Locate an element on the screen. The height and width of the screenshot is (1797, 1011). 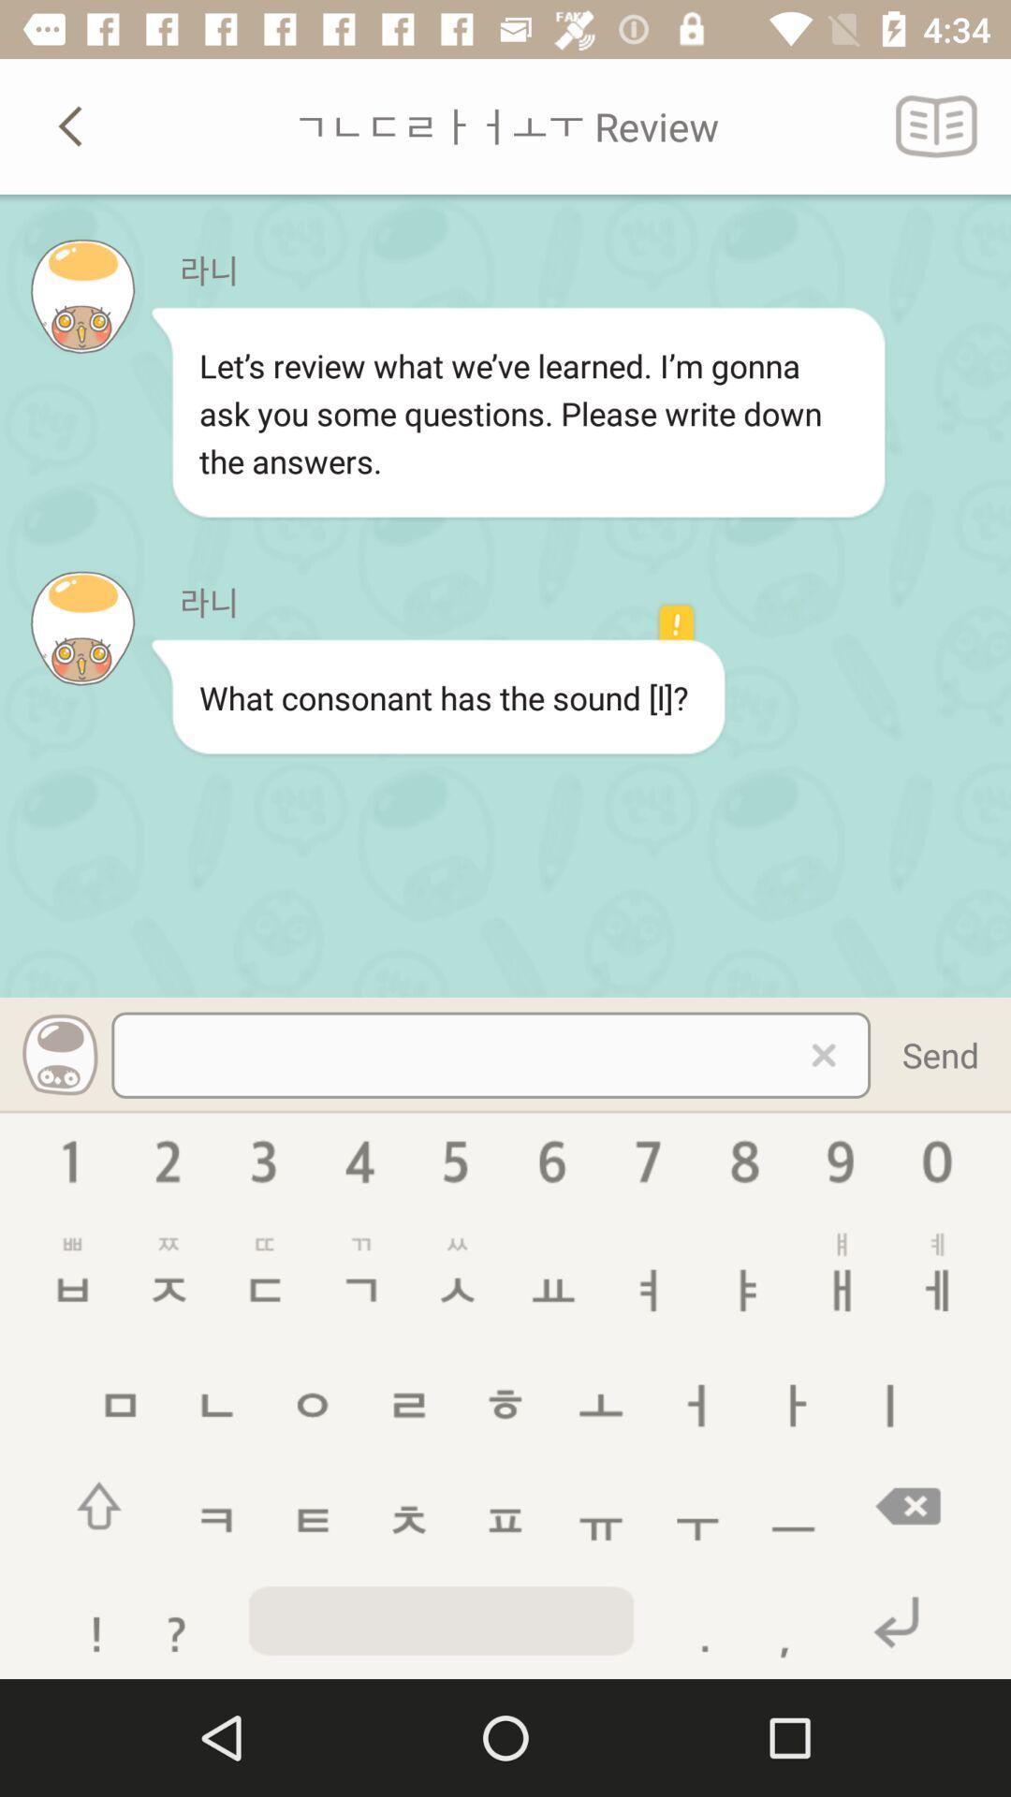
the expand_less icon is located at coordinates (407, 1506).